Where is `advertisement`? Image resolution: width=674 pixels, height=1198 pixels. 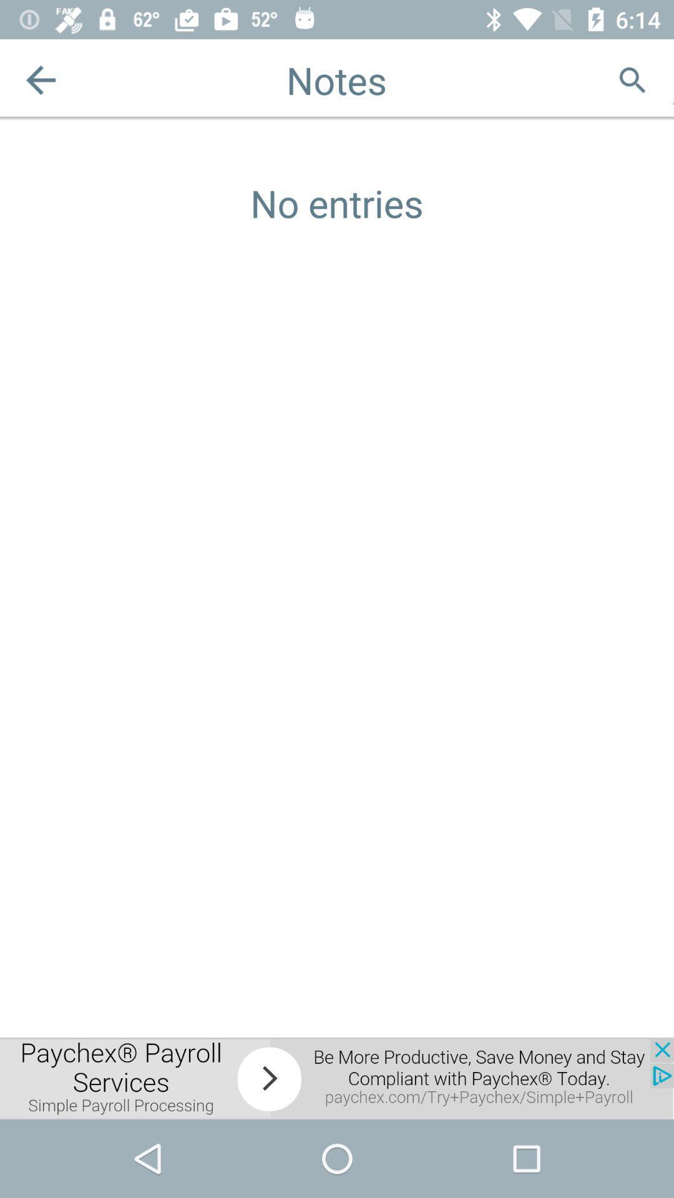
advertisement is located at coordinates (337, 1078).